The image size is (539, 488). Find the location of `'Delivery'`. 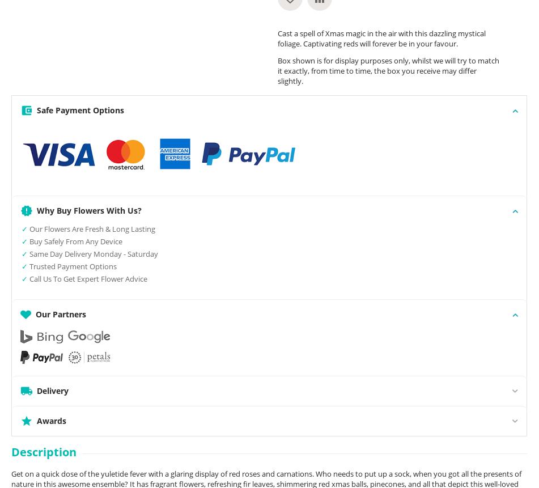

'Delivery' is located at coordinates (53, 390).